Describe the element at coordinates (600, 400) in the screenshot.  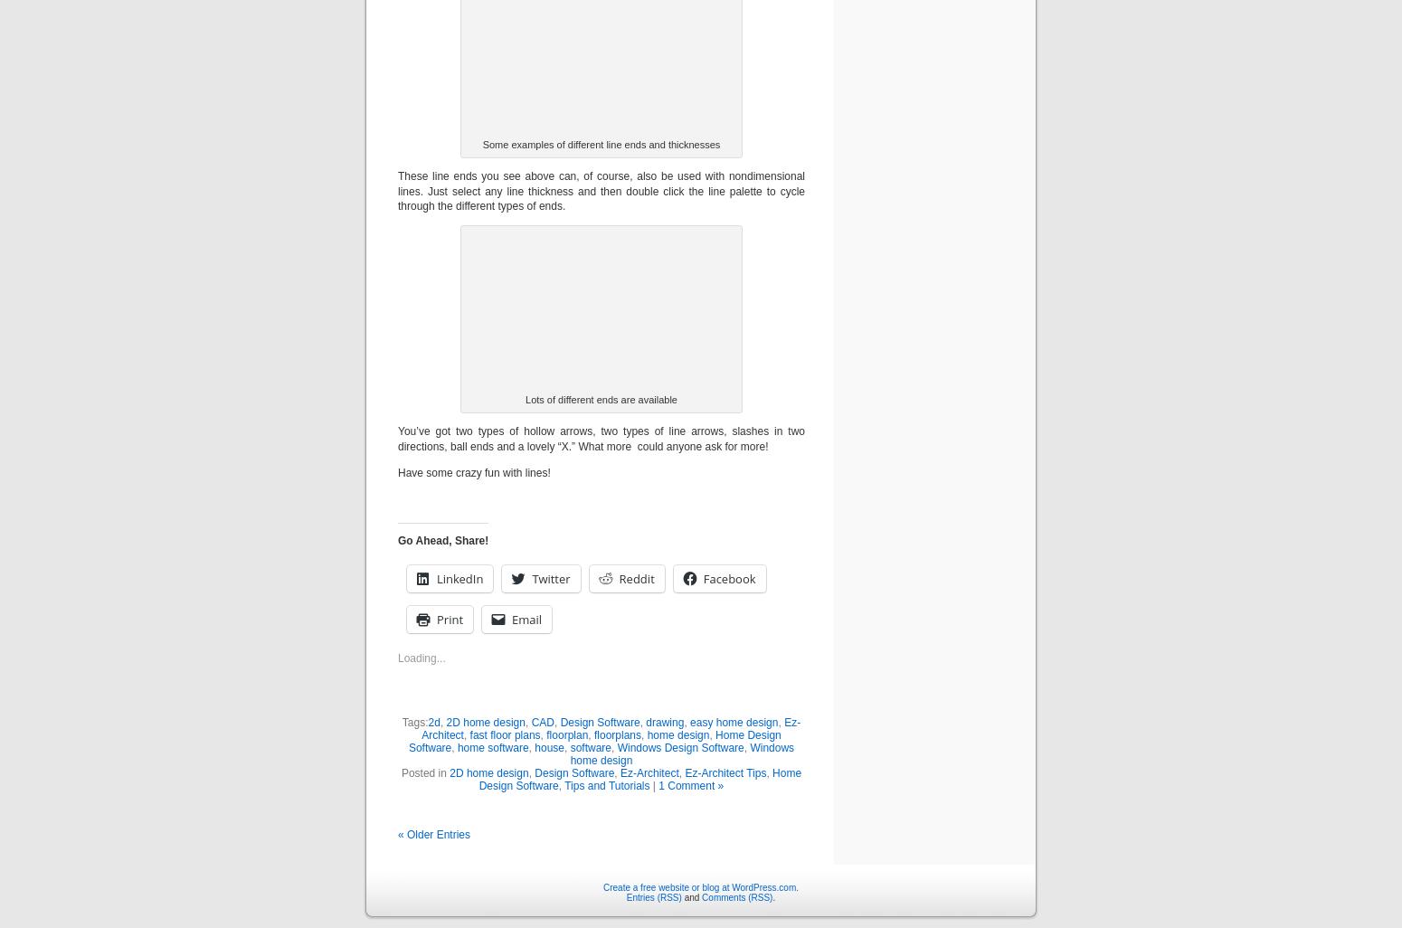
I see `'Lots of different ends are available'` at that location.